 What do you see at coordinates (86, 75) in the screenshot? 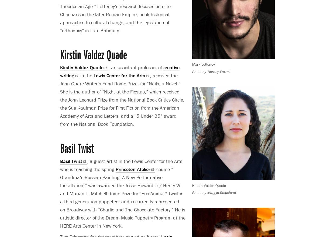
I see `'in the'` at bounding box center [86, 75].